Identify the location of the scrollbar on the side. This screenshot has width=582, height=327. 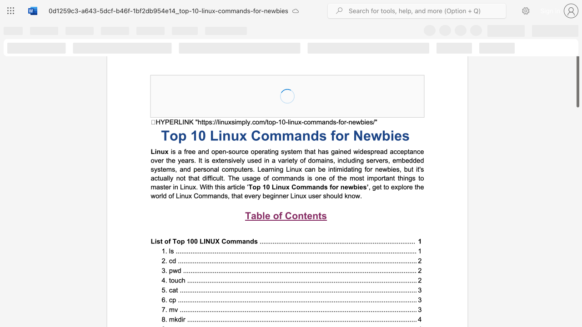
(577, 254).